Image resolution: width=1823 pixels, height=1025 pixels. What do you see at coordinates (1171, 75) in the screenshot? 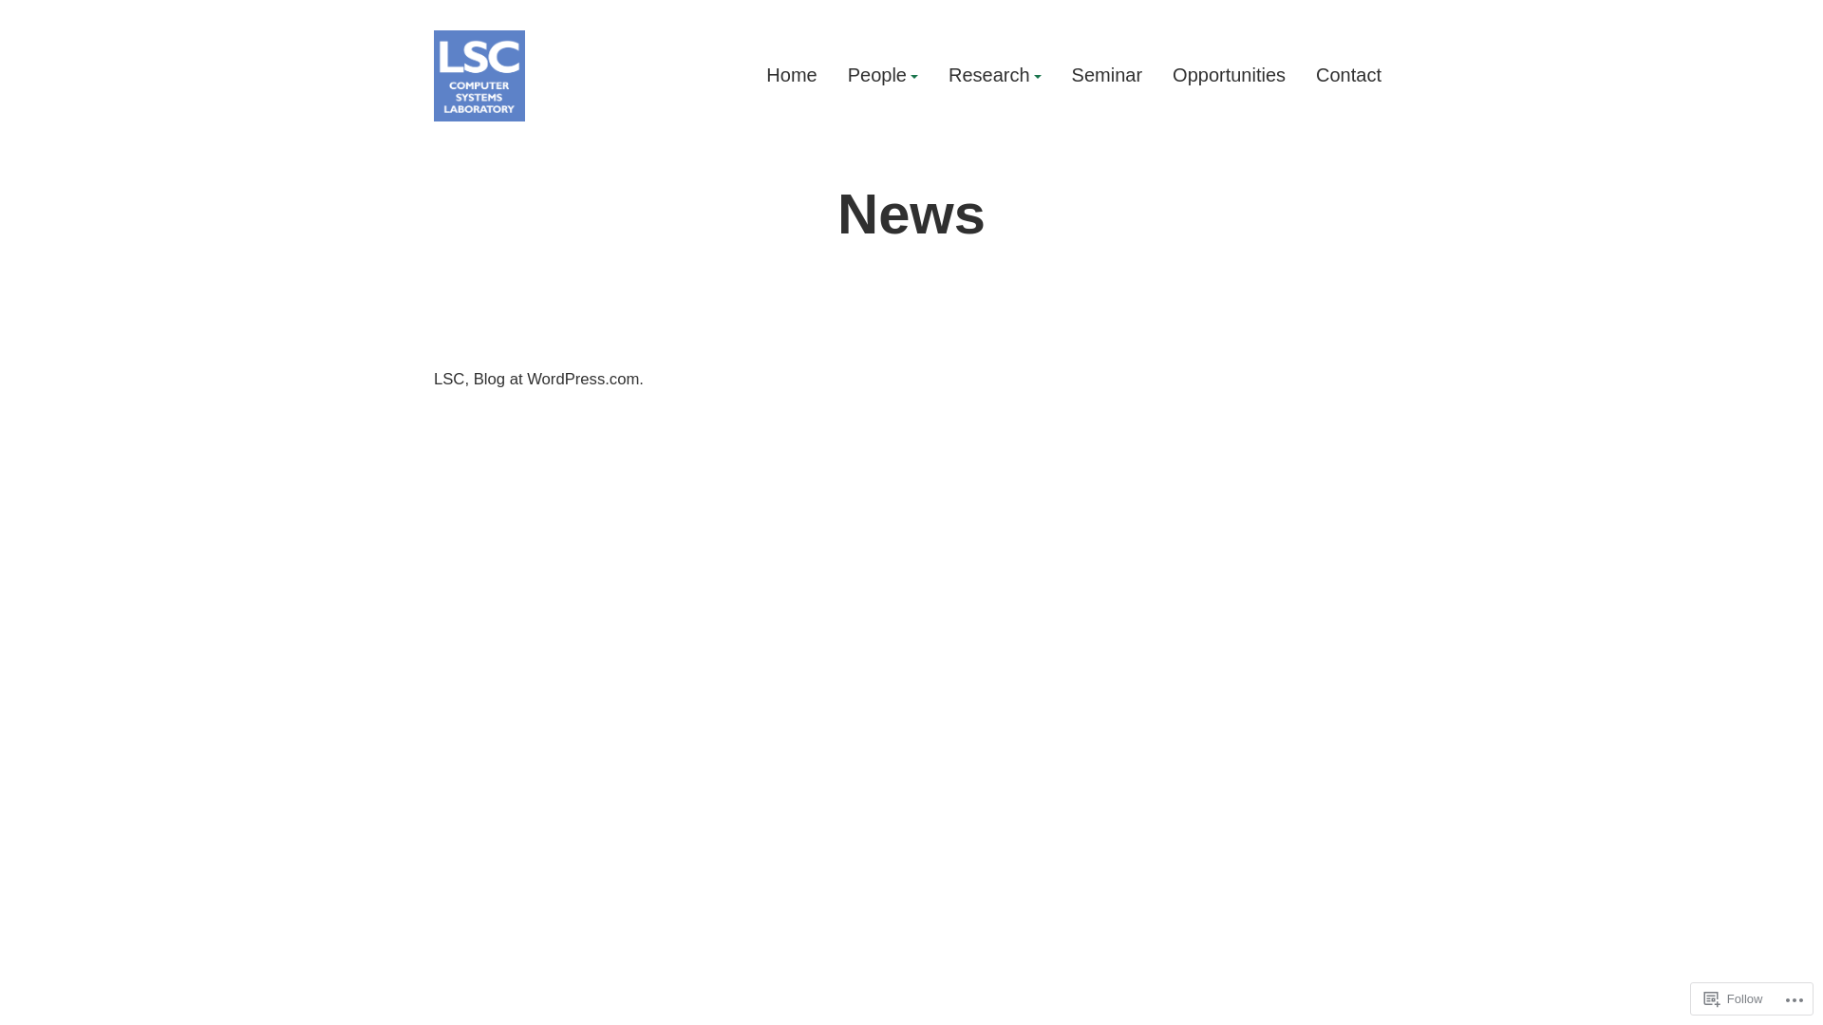
I see `'Opportunities'` at bounding box center [1171, 75].